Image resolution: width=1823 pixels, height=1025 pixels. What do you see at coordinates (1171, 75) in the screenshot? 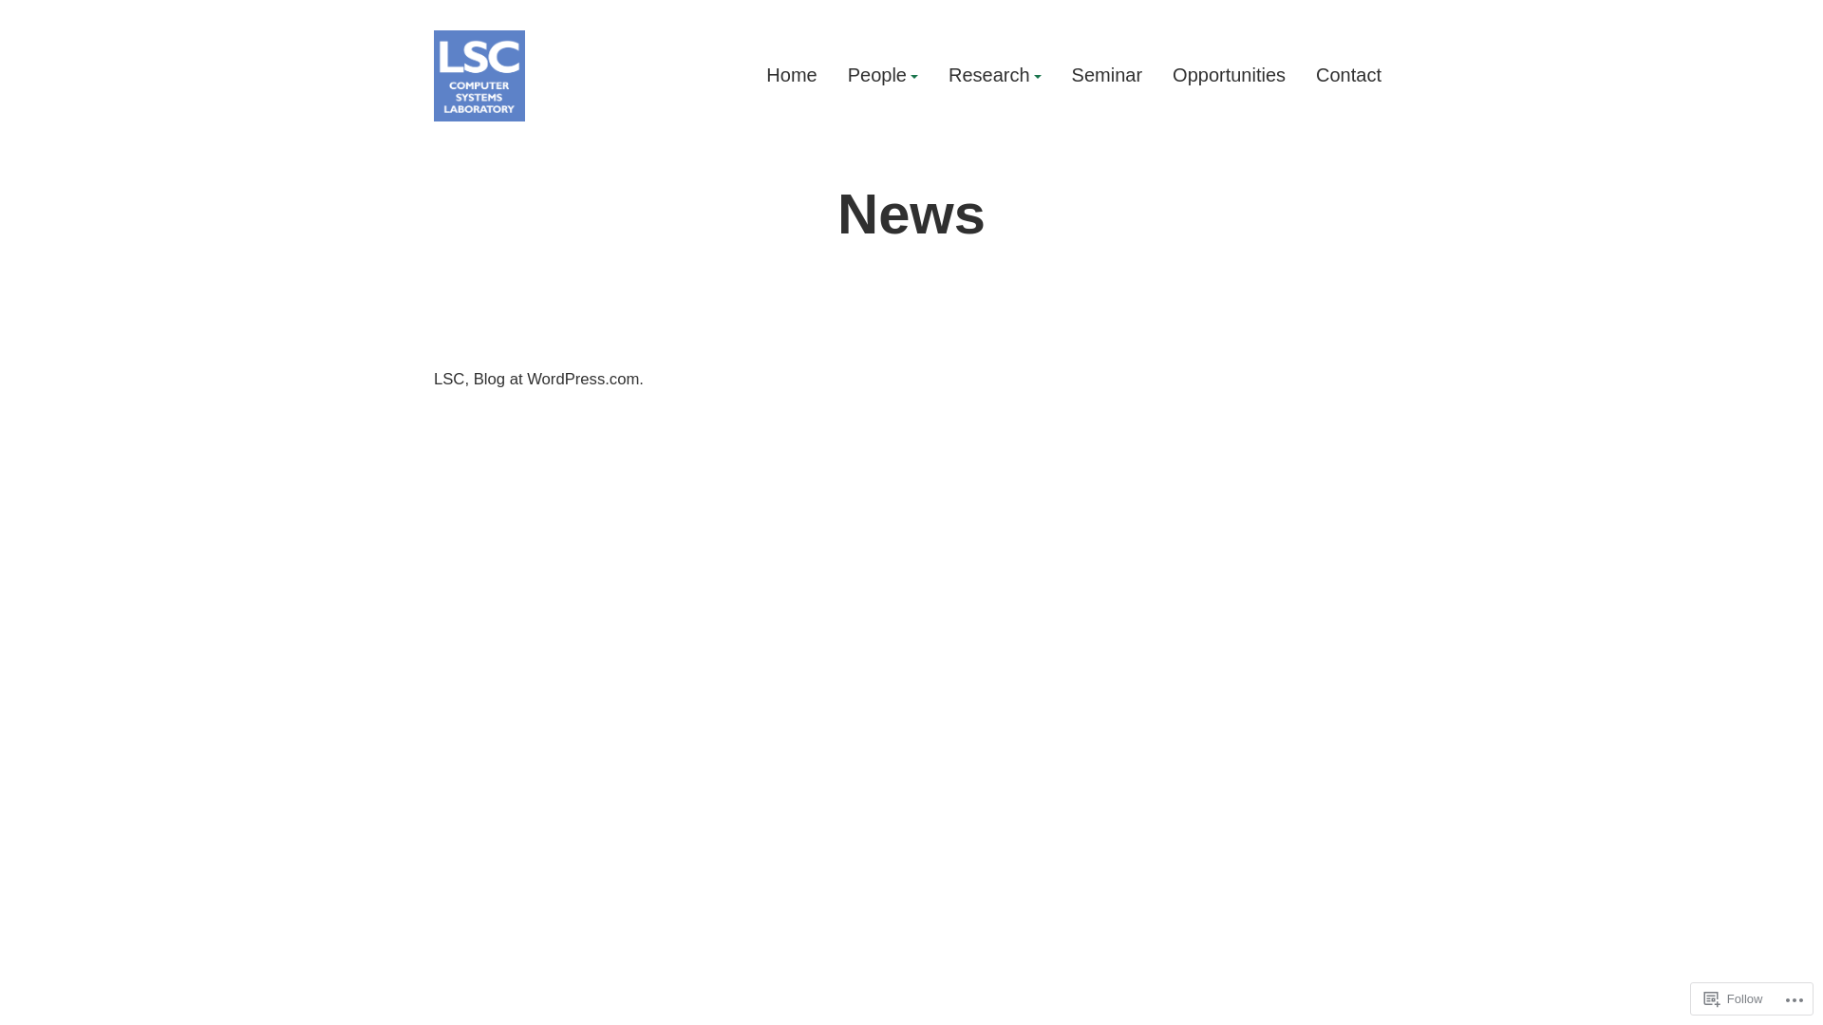
I see `'Opportunities'` at bounding box center [1171, 75].